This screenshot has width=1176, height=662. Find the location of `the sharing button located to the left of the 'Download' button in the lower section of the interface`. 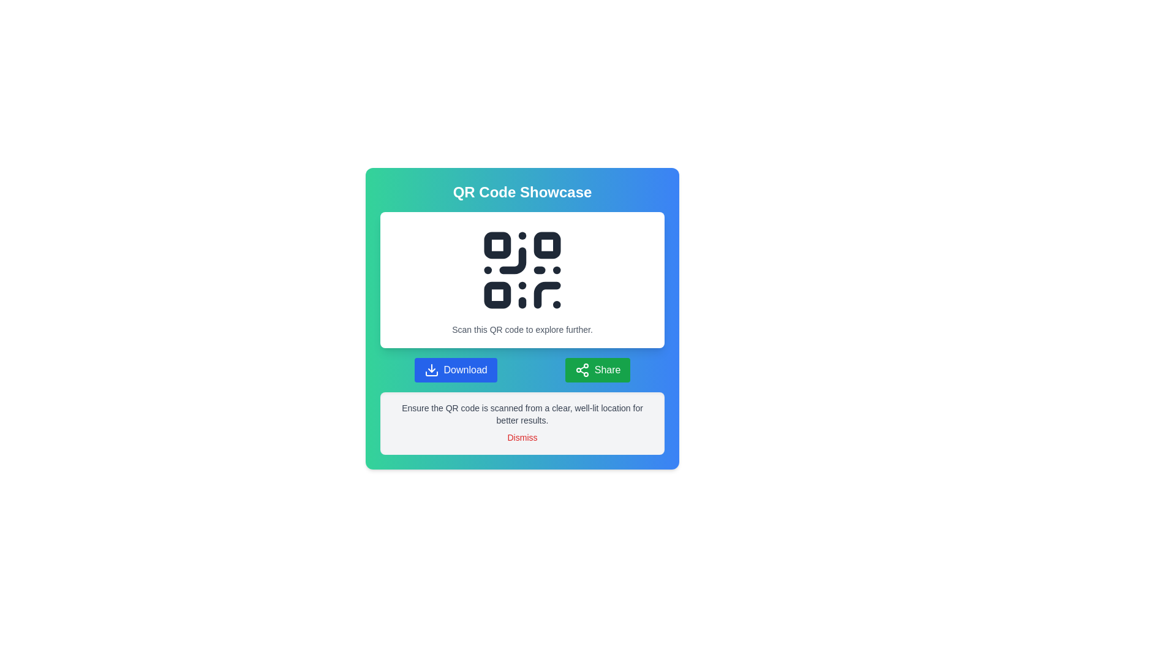

the sharing button located to the left of the 'Download' button in the lower section of the interface is located at coordinates (598, 370).